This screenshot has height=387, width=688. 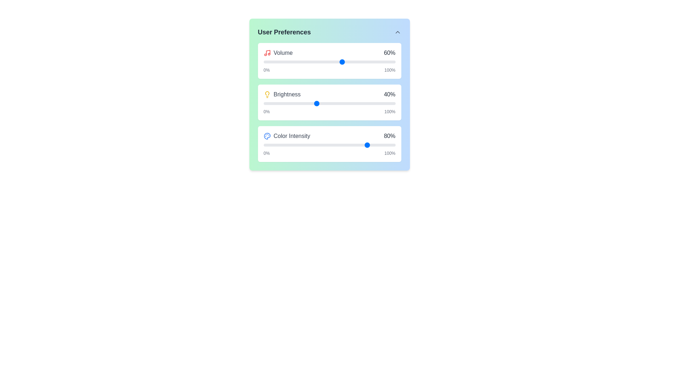 I want to click on the Static Text Indicator displaying '0%' and '100%' percentages located beneath the interactive slider in the 'Volume' section of the 'User Preferences' card, so click(x=329, y=70).